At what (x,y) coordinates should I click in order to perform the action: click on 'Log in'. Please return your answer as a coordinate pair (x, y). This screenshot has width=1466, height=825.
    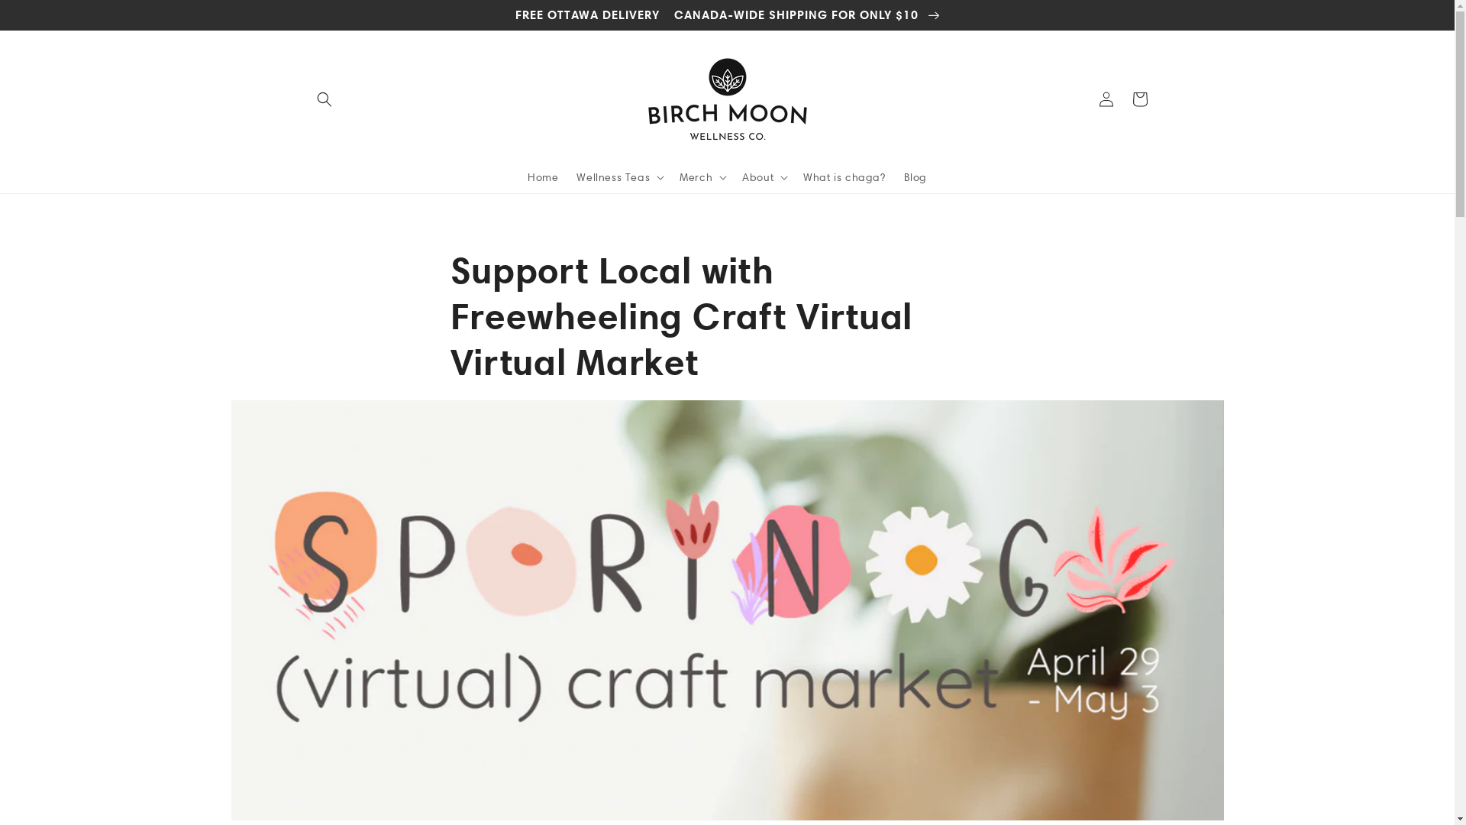
    Looking at the image, I should click on (1106, 99).